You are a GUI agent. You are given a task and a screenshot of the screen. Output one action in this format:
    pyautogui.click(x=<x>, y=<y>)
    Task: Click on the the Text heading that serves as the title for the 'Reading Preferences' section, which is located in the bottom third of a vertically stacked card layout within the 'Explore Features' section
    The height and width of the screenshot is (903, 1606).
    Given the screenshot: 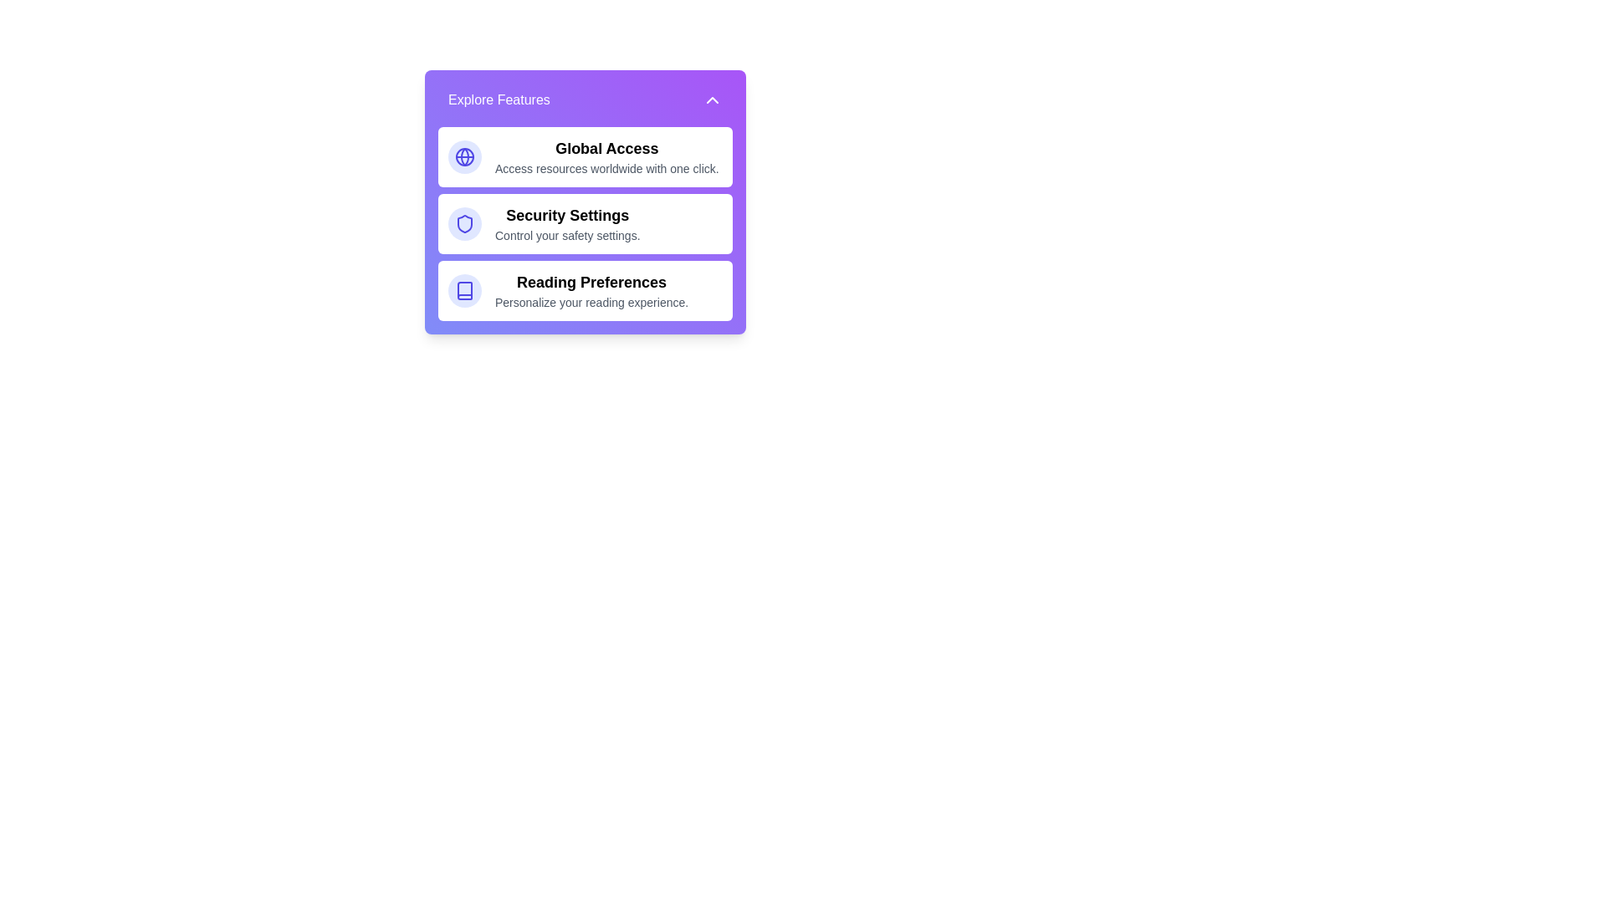 What is the action you would take?
    pyautogui.click(x=591, y=282)
    